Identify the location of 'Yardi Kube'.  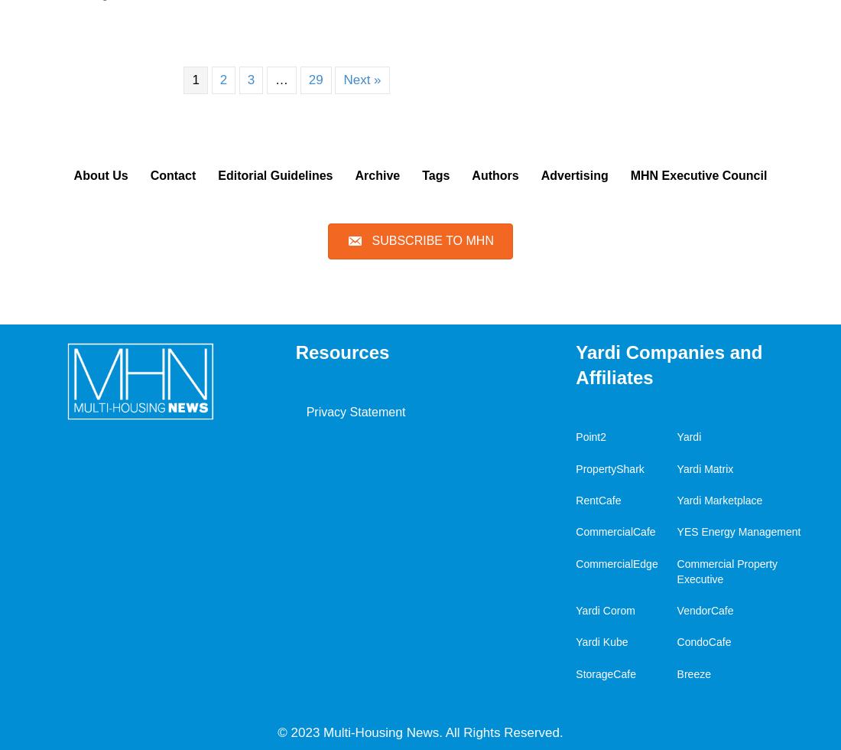
(602, 641).